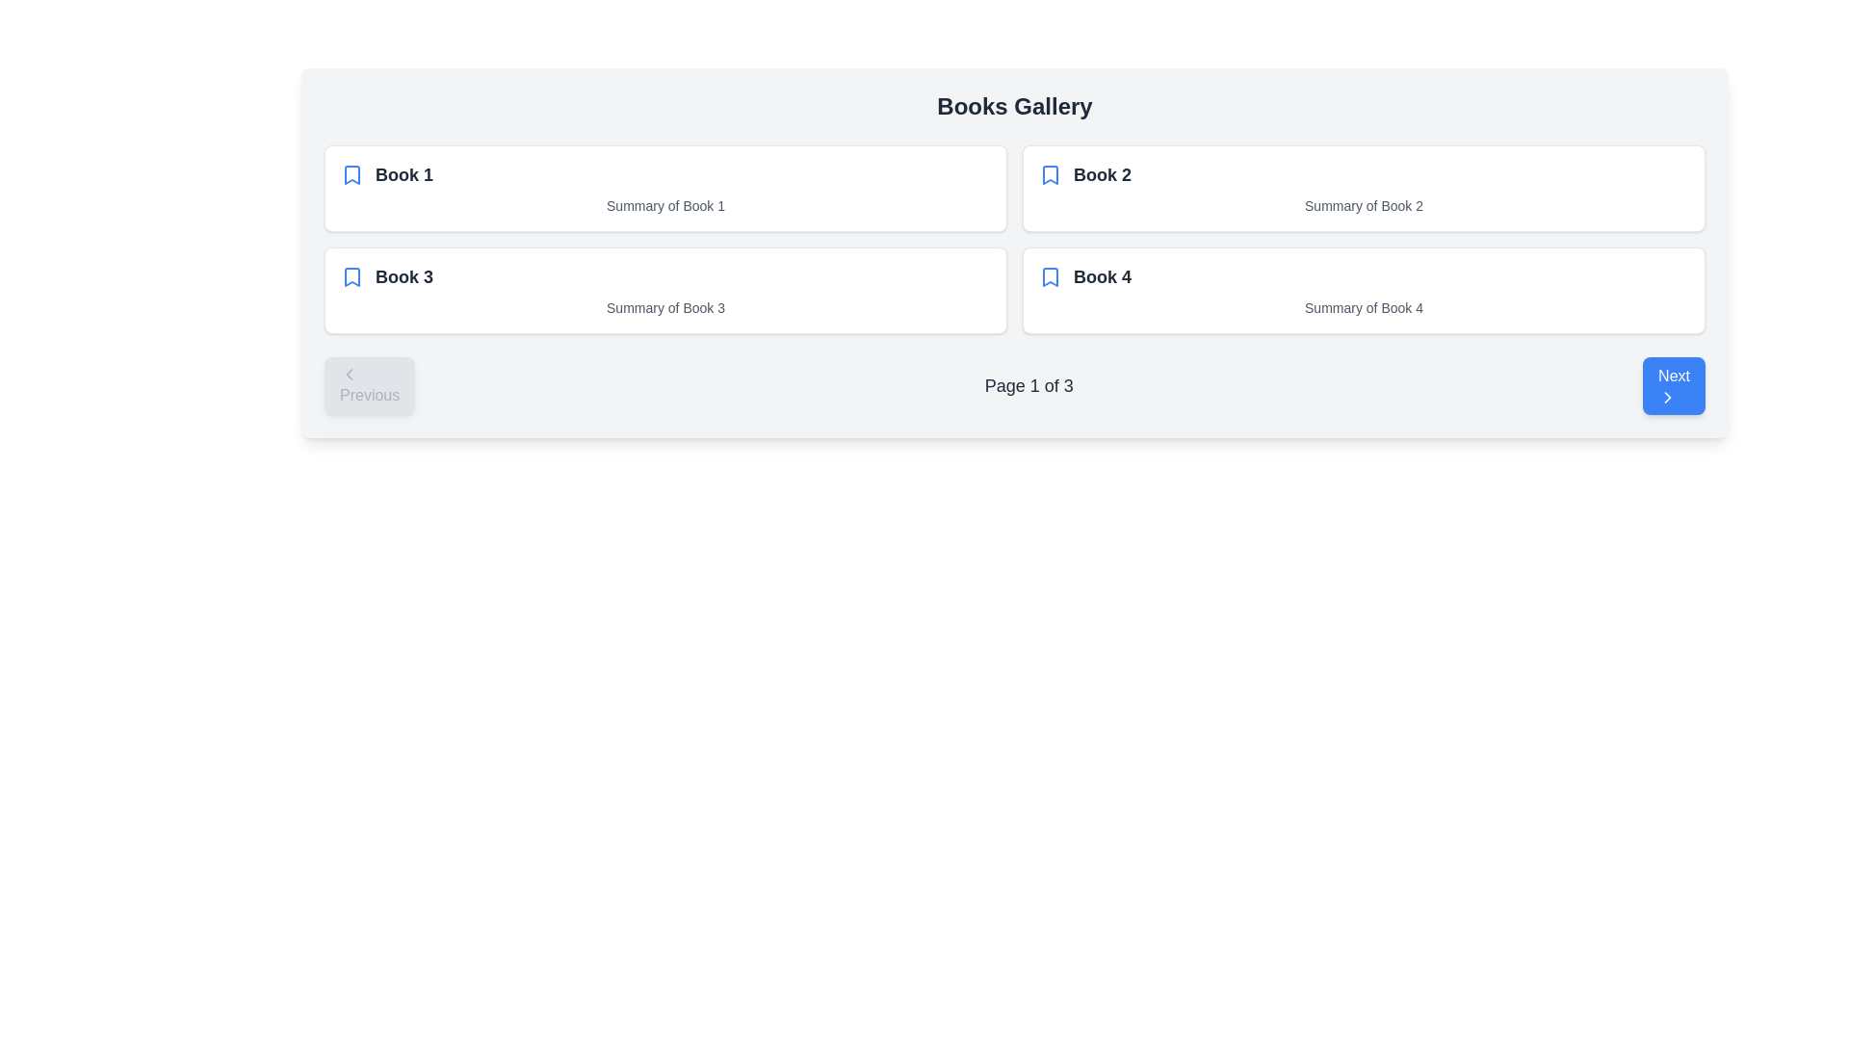 Image resolution: width=1849 pixels, height=1040 pixels. What do you see at coordinates (1363, 307) in the screenshot?
I see `the text label displaying 'Summary of Book 4', which is positioned beneath the main title 'Book 4' within the card layout` at bounding box center [1363, 307].